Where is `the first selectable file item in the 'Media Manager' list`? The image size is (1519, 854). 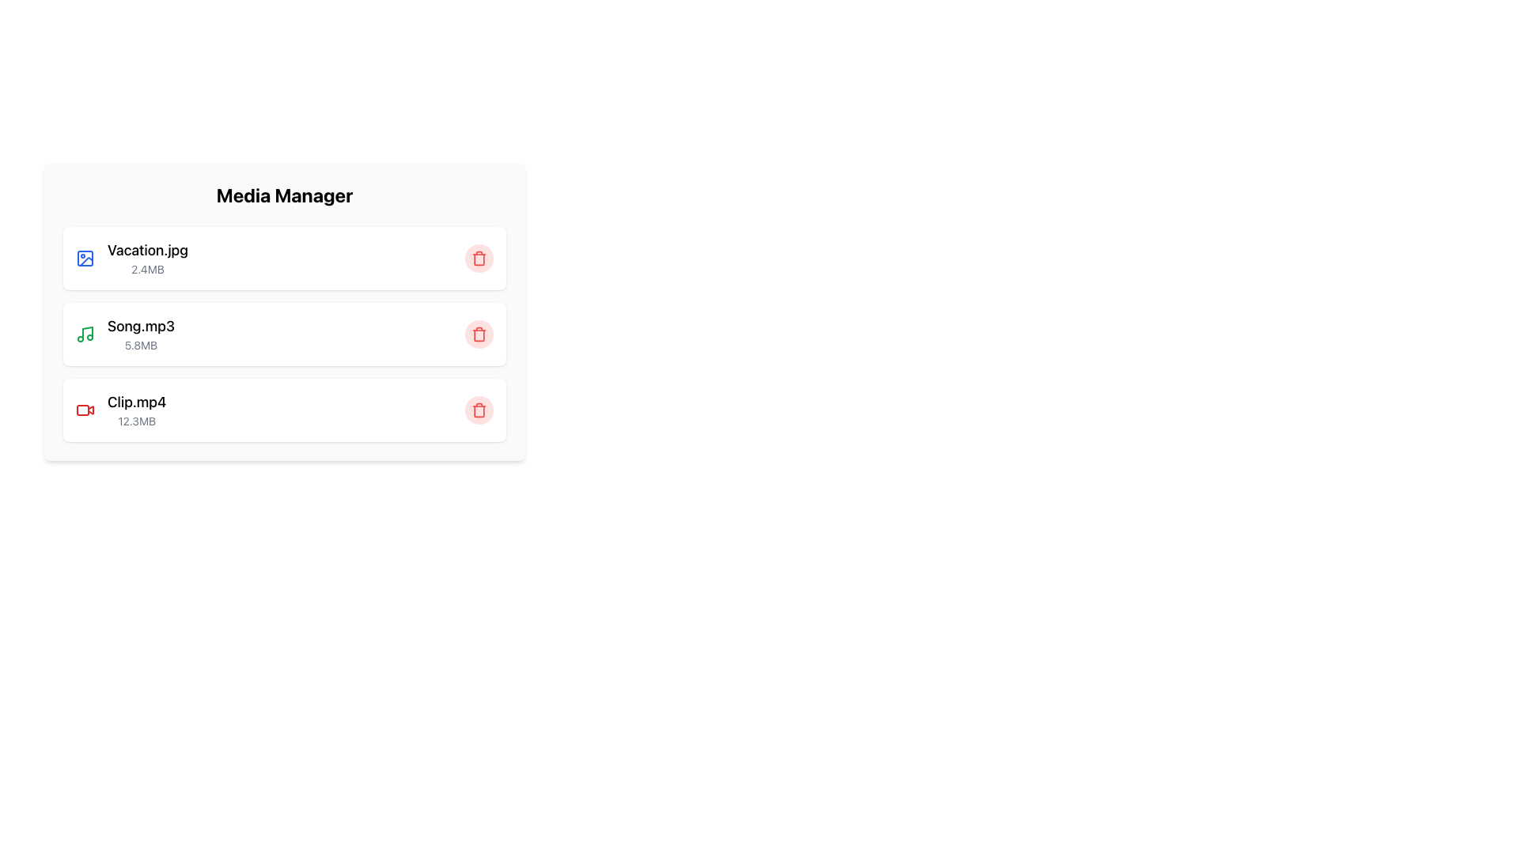 the first selectable file item in the 'Media Manager' list is located at coordinates (285, 258).